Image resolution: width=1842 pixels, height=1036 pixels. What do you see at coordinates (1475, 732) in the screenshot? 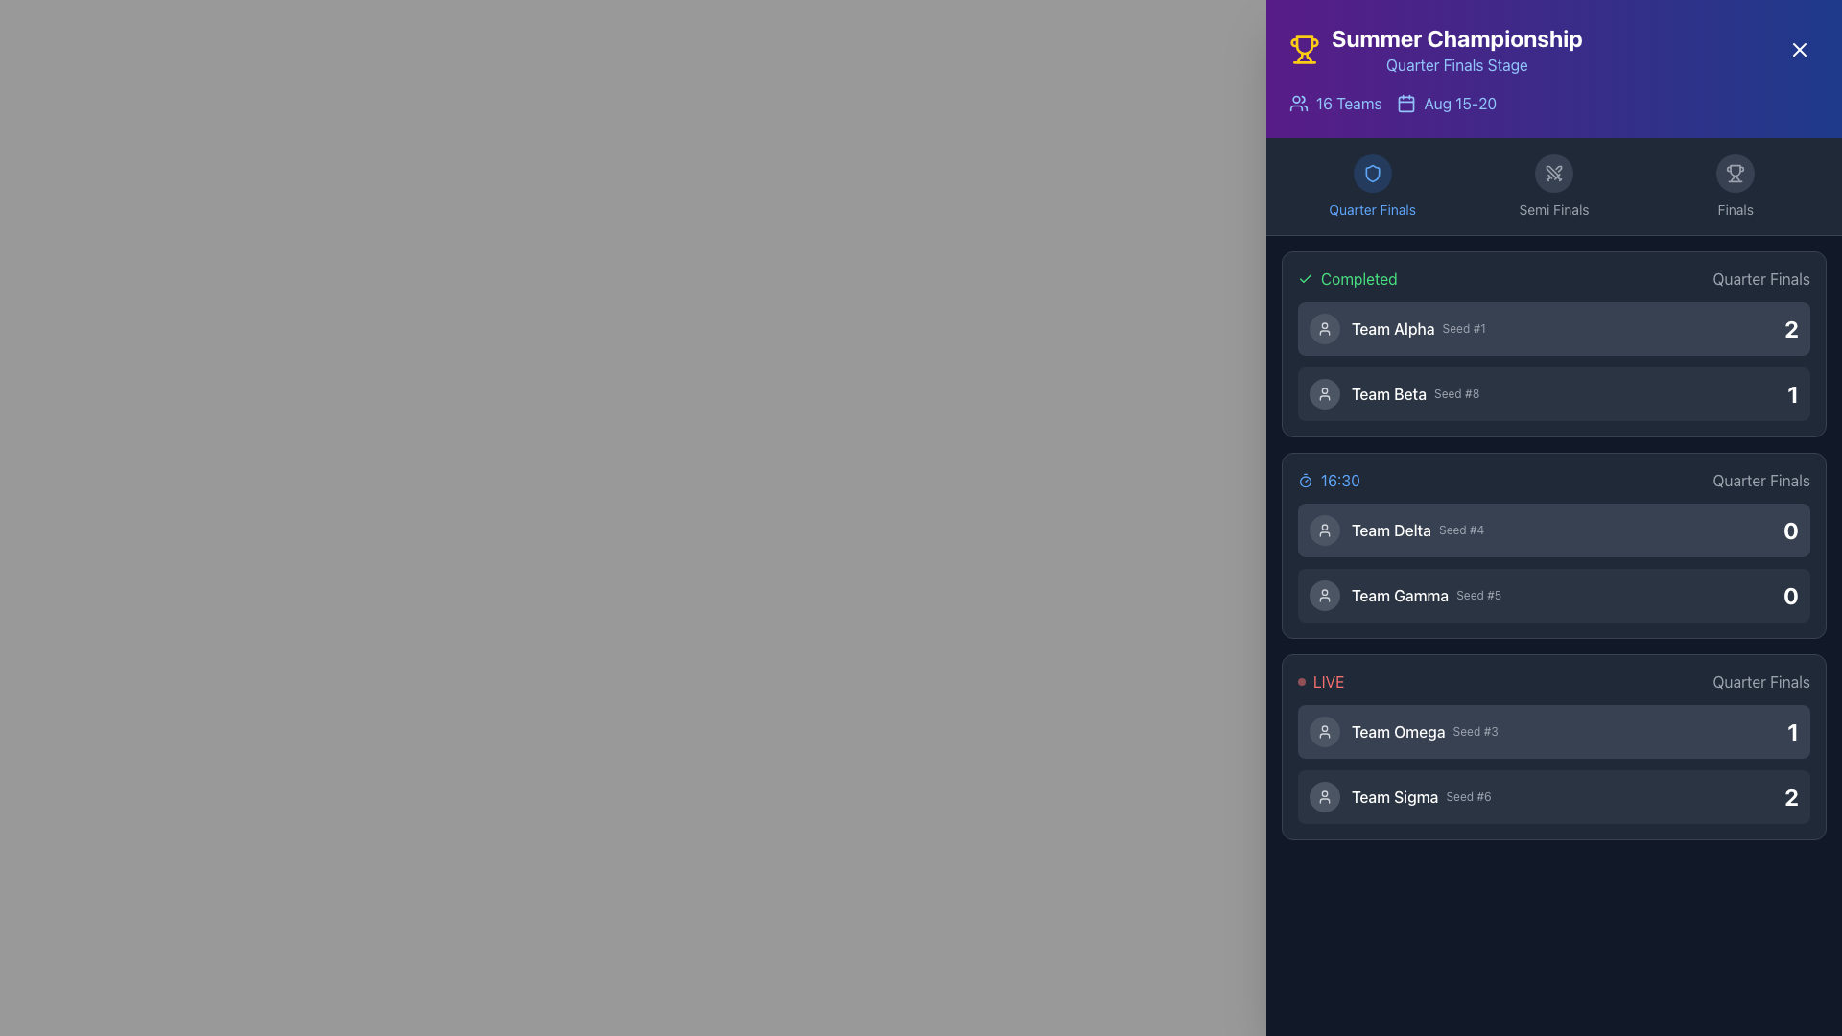
I see `the text label that provides supplementary information about the team, indicating its seeding position in the championship, located to the right of 'Team Omega' in the 'LIVE' section of the 'Quarter Finals' panel` at bounding box center [1475, 732].